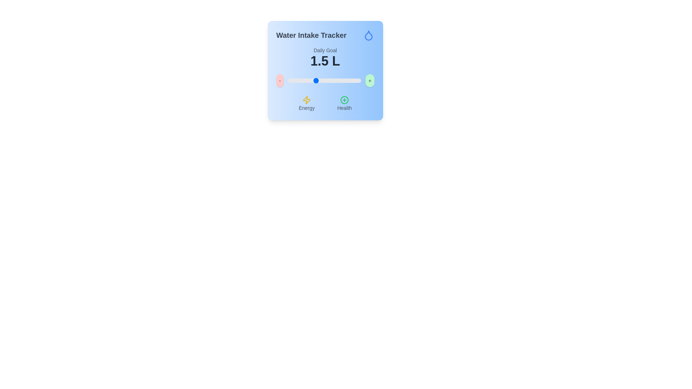  What do you see at coordinates (344, 100) in the screenshot?
I see `the Iconographic button located in the lower-right corner of the card interface for additional information` at bounding box center [344, 100].